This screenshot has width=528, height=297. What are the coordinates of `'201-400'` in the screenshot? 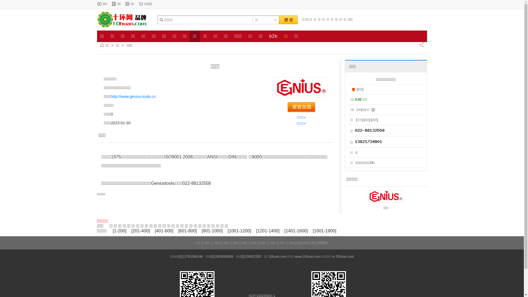 It's located at (141, 231).